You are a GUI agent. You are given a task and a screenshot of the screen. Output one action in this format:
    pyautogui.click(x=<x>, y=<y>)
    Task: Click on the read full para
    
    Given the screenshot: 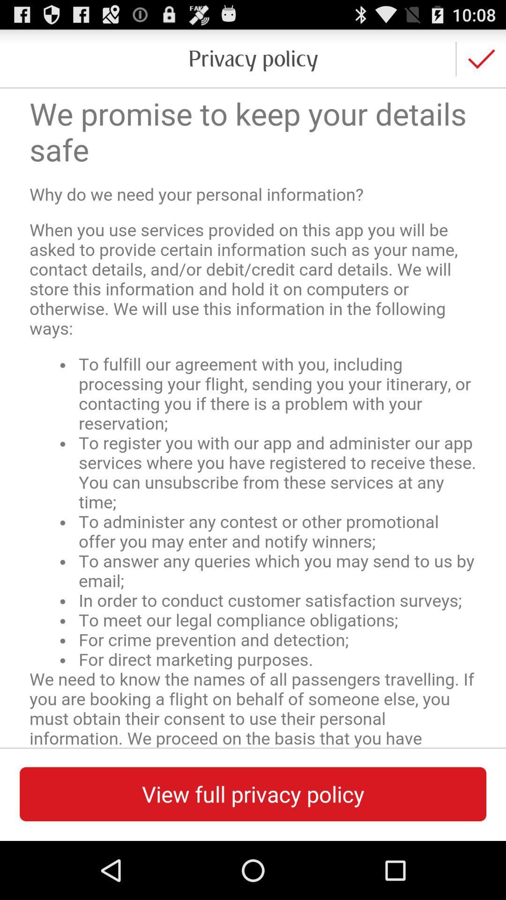 What is the action you would take?
    pyautogui.click(x=253, y=417)
    